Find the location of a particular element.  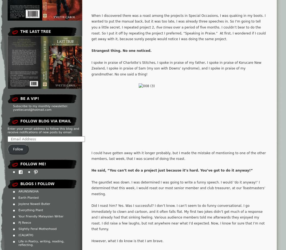

'five times' is located at coordinates (164, 27).